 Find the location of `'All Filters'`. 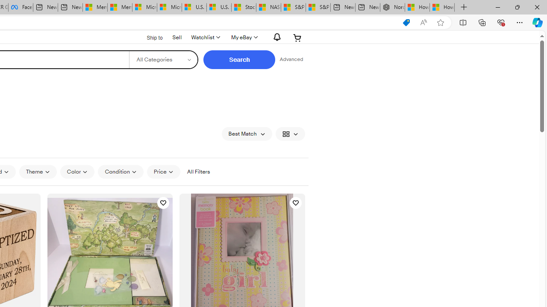

'All Filters' is located at coordinates (198, 172).